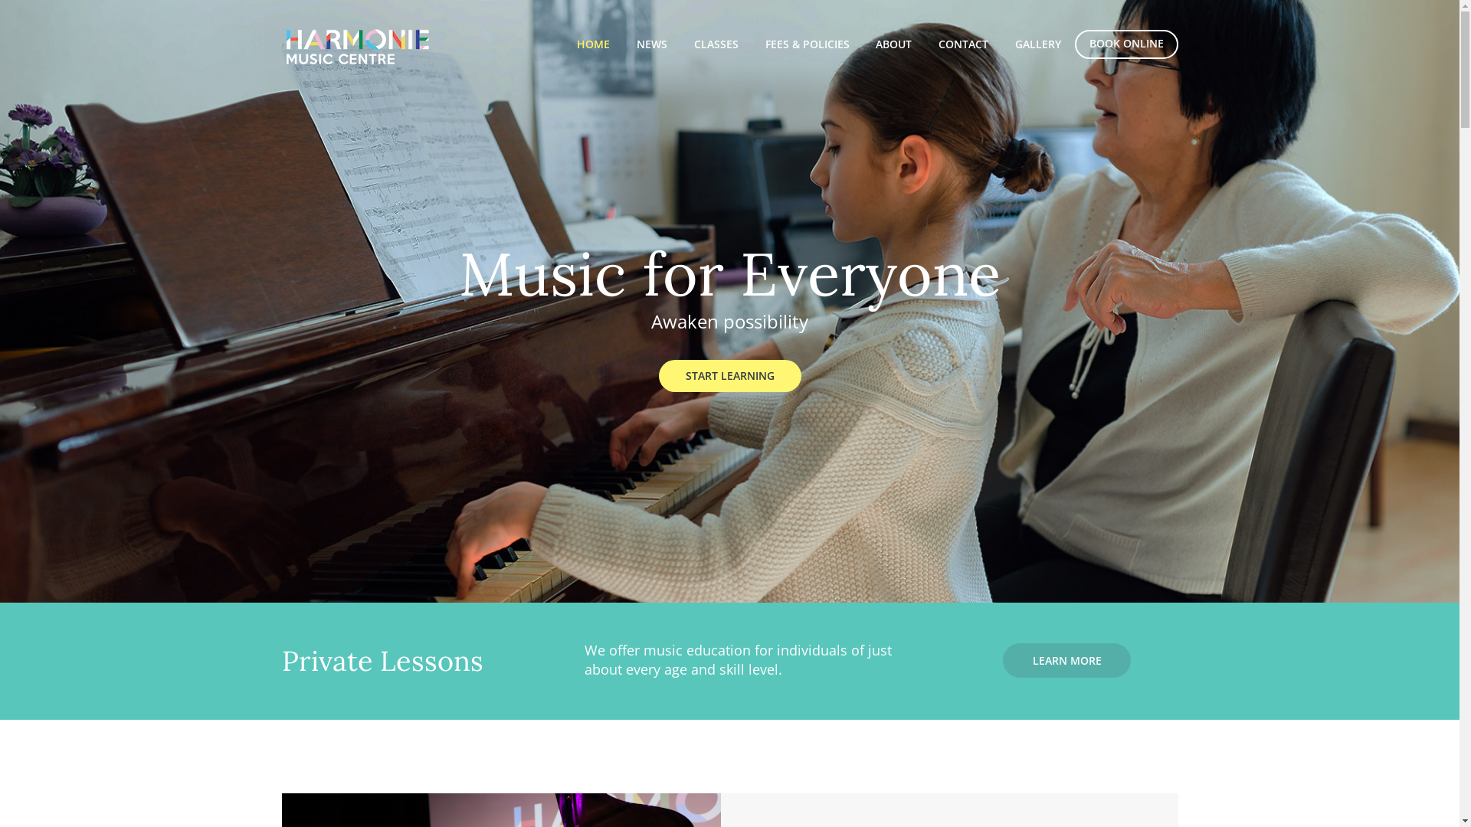 The height and width of the screenshot is (827, 1471). Describe the element at coordinates (1066, 660) in the screenshot. I see `'LEARN MORE'` at that location.